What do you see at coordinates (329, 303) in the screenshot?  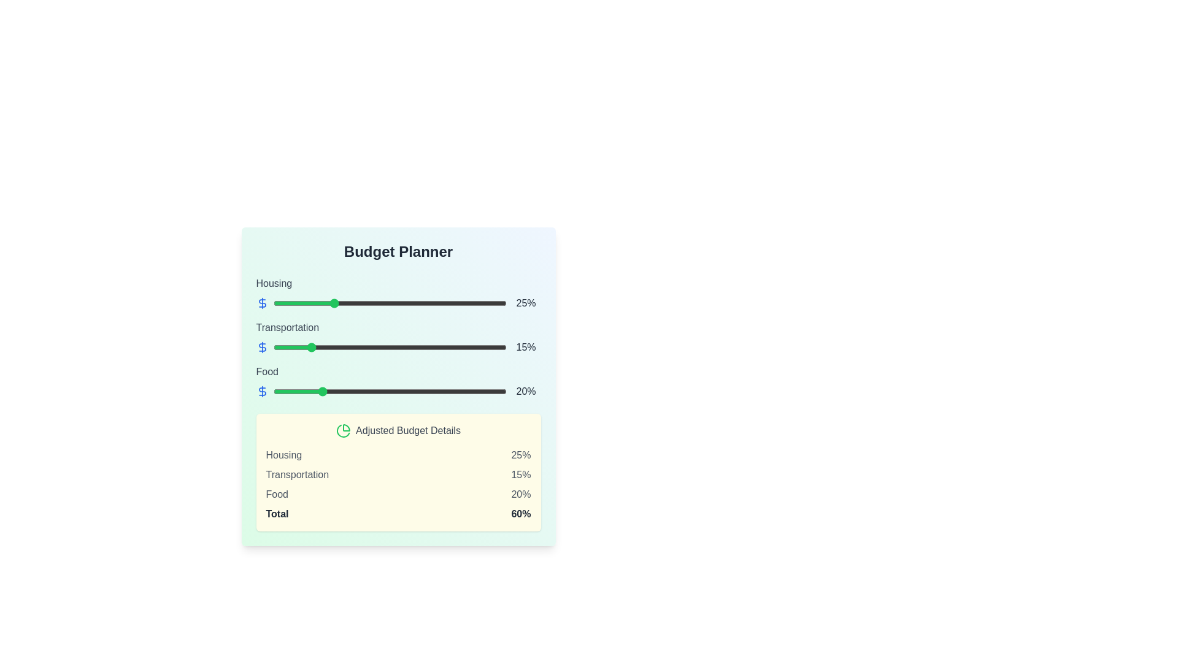 I see `the housing budget slider` at bounding box center [329, 303].